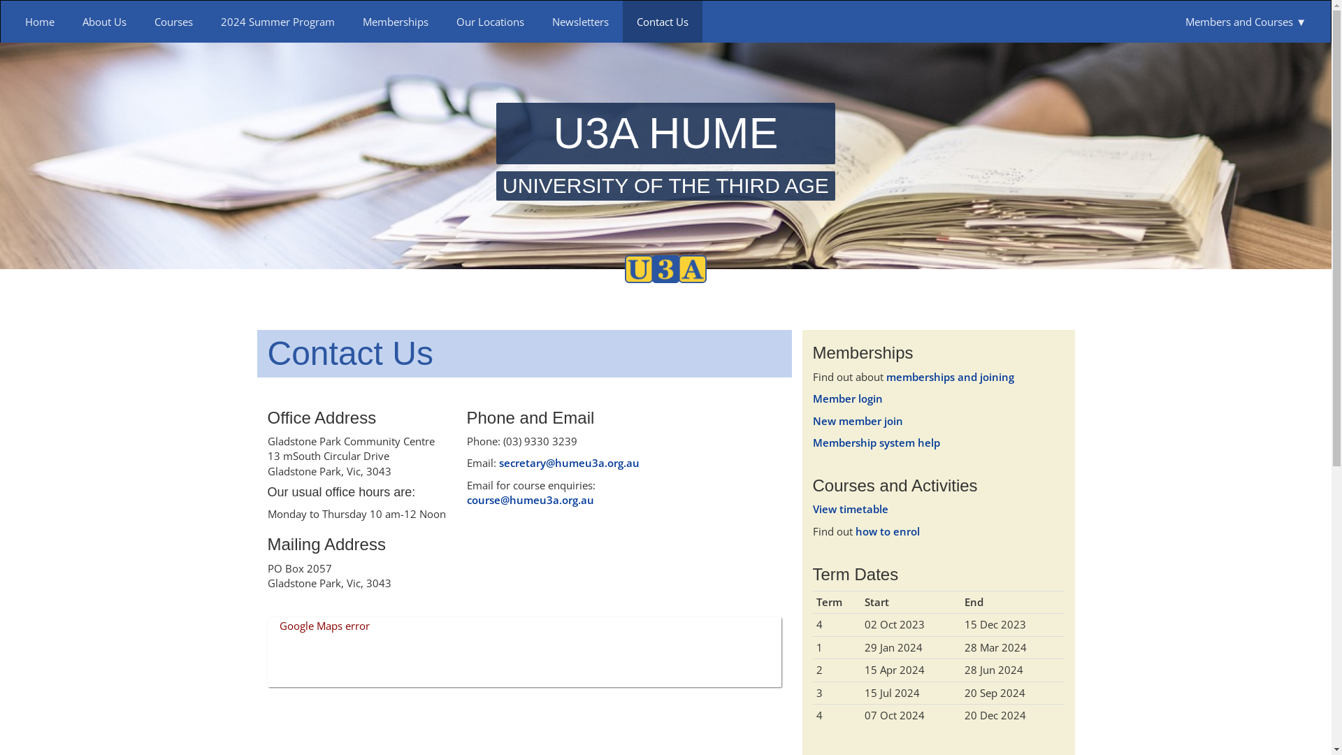 The height and width of the screenshot is (755, 1342). Describe the element at coordinates (846, 398) in the screenshot. I see `'Member login'` at that location.